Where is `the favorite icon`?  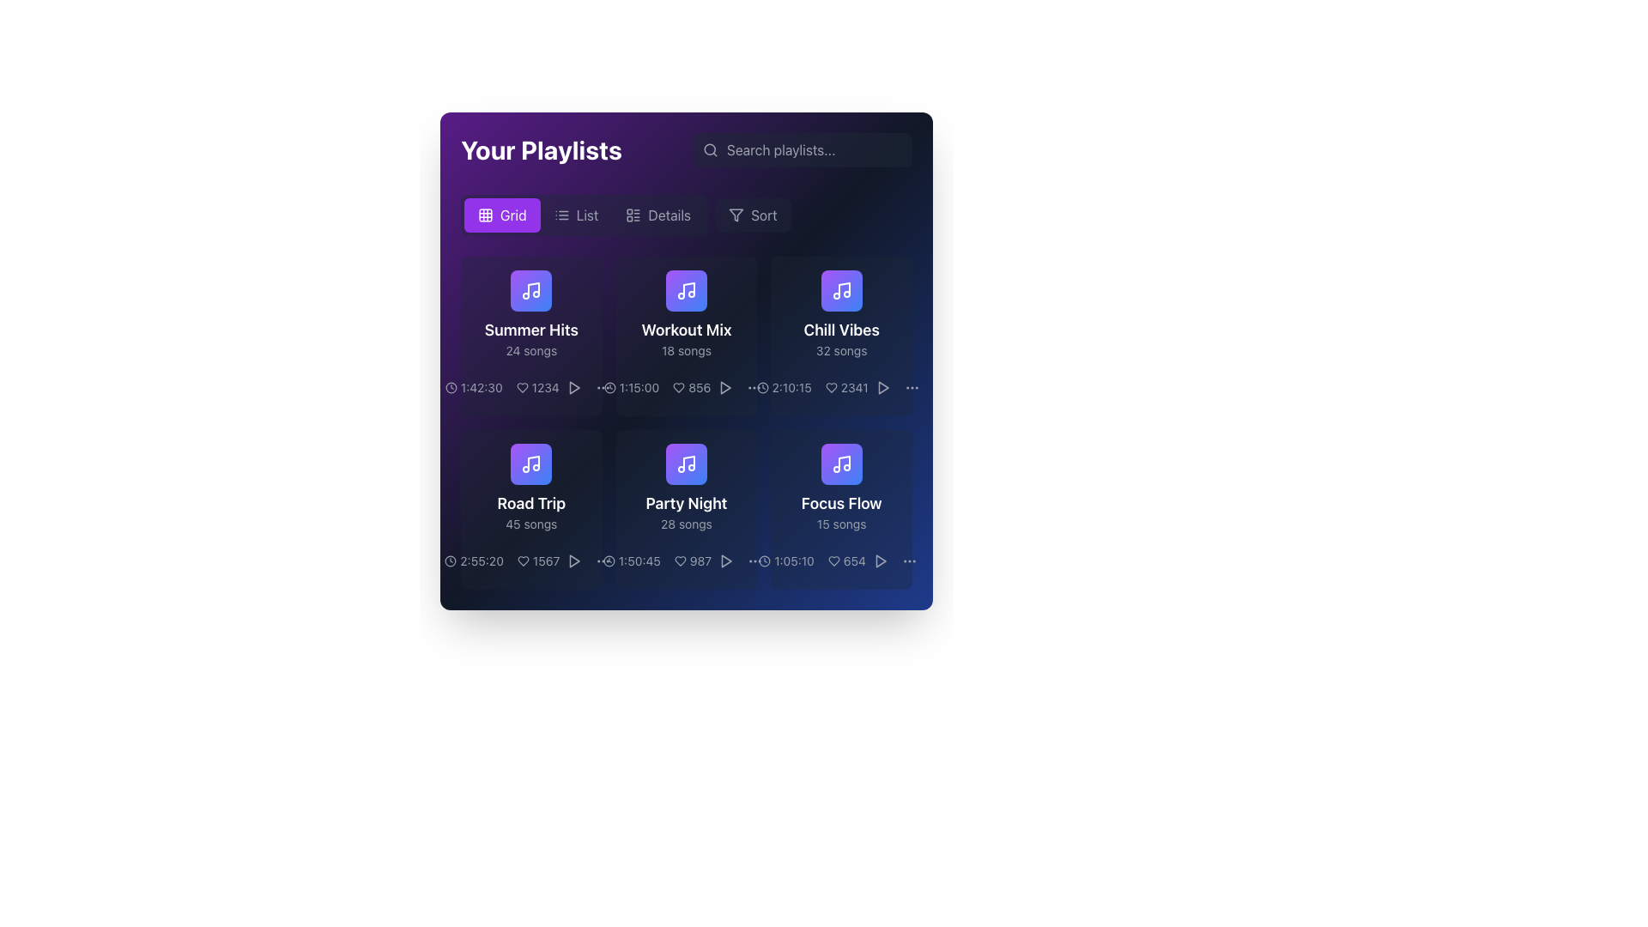 the favorite icon is located at coordinates (522, 561).